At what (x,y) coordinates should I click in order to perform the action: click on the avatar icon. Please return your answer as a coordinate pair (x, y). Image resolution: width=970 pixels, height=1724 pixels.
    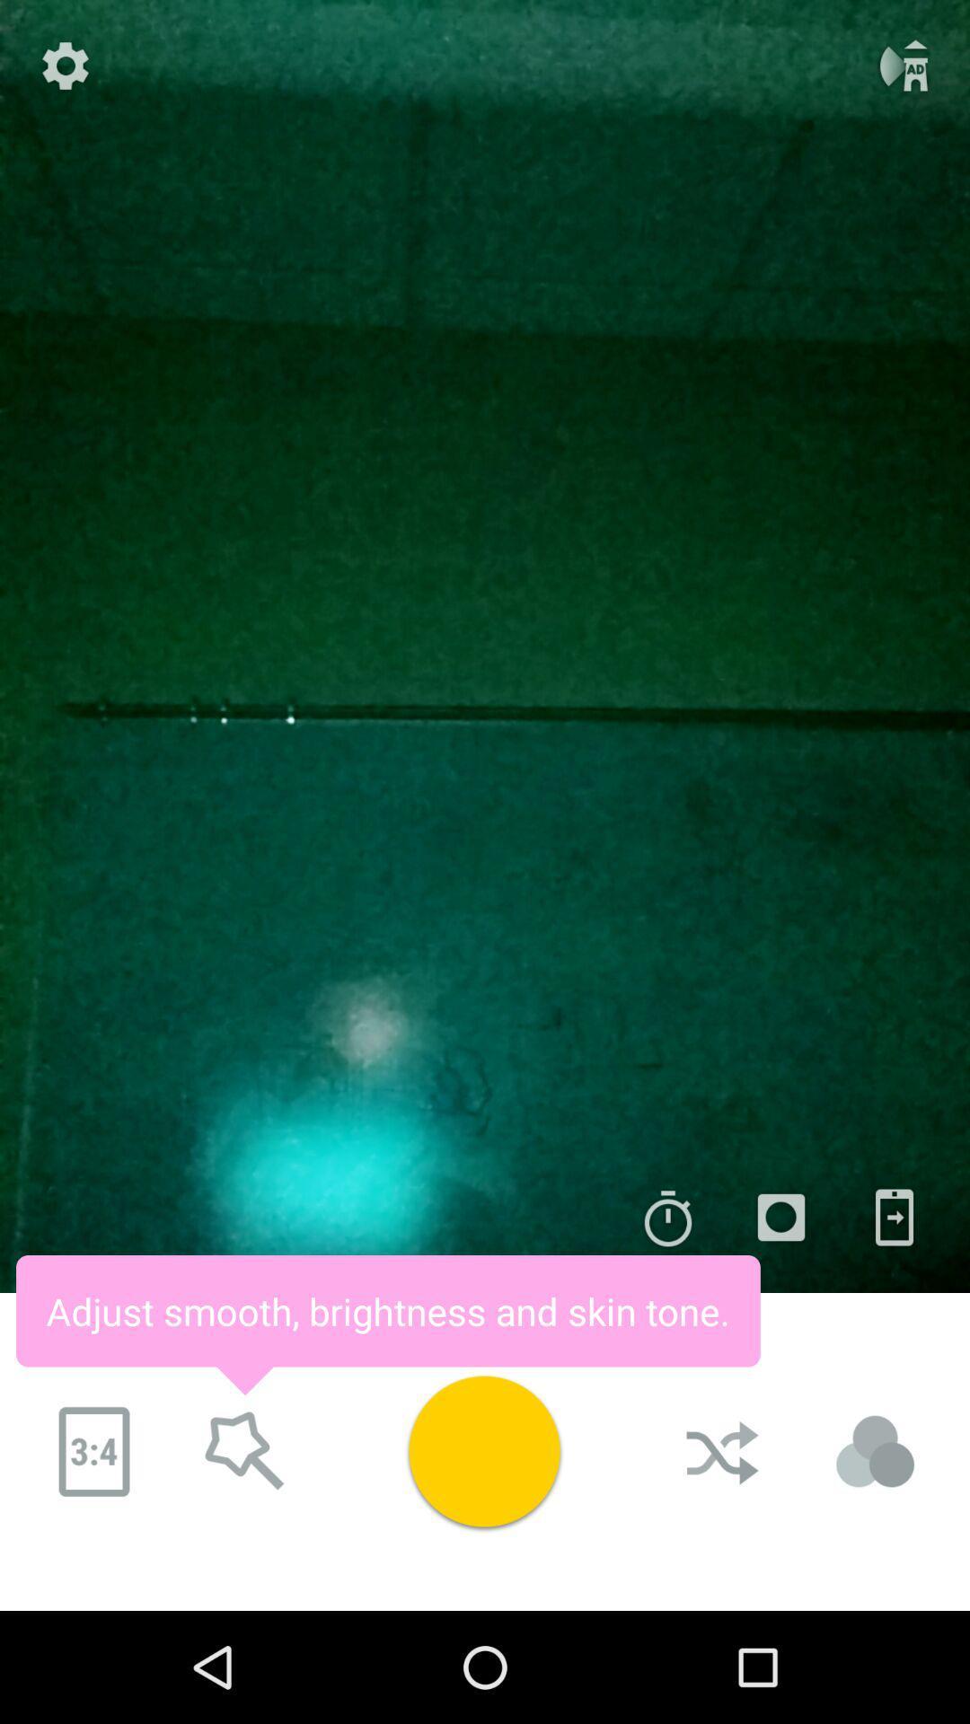
    Looking at the image, I should click on (875, 1452).